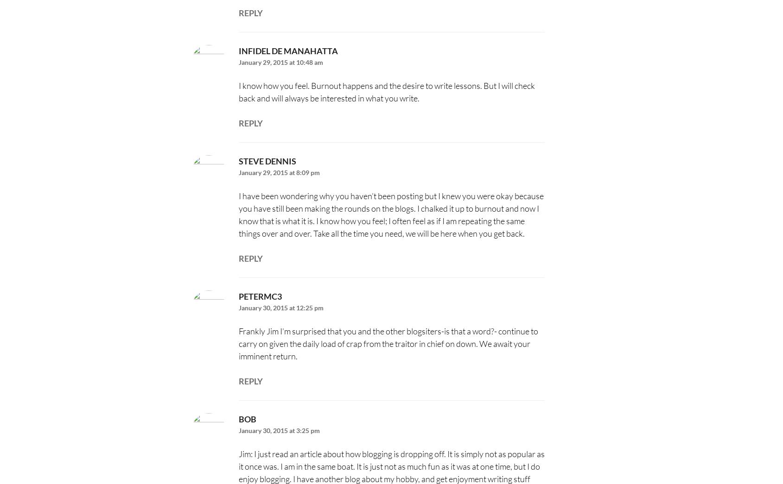 This screenshot has height=484, width=783. Describe the element at coordinates (280, 308) in the screenshot. I see `'January 30, 2015 at 12:25 pm'` at that location.